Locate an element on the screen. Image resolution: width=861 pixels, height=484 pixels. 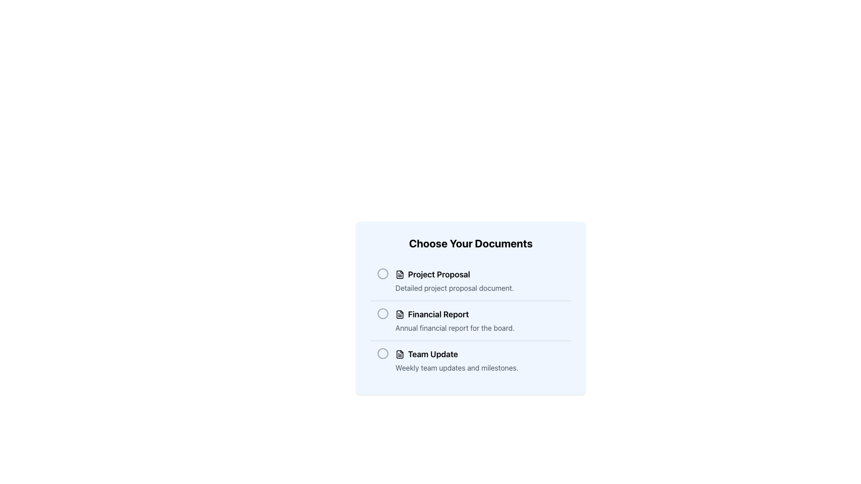
the document icon that visually enhances the 'Financial Report' option, which is located to the left of the 'Financial Report' text in the second item of the list under 'Choose Your Documents' is located at coordinates (400, 314).